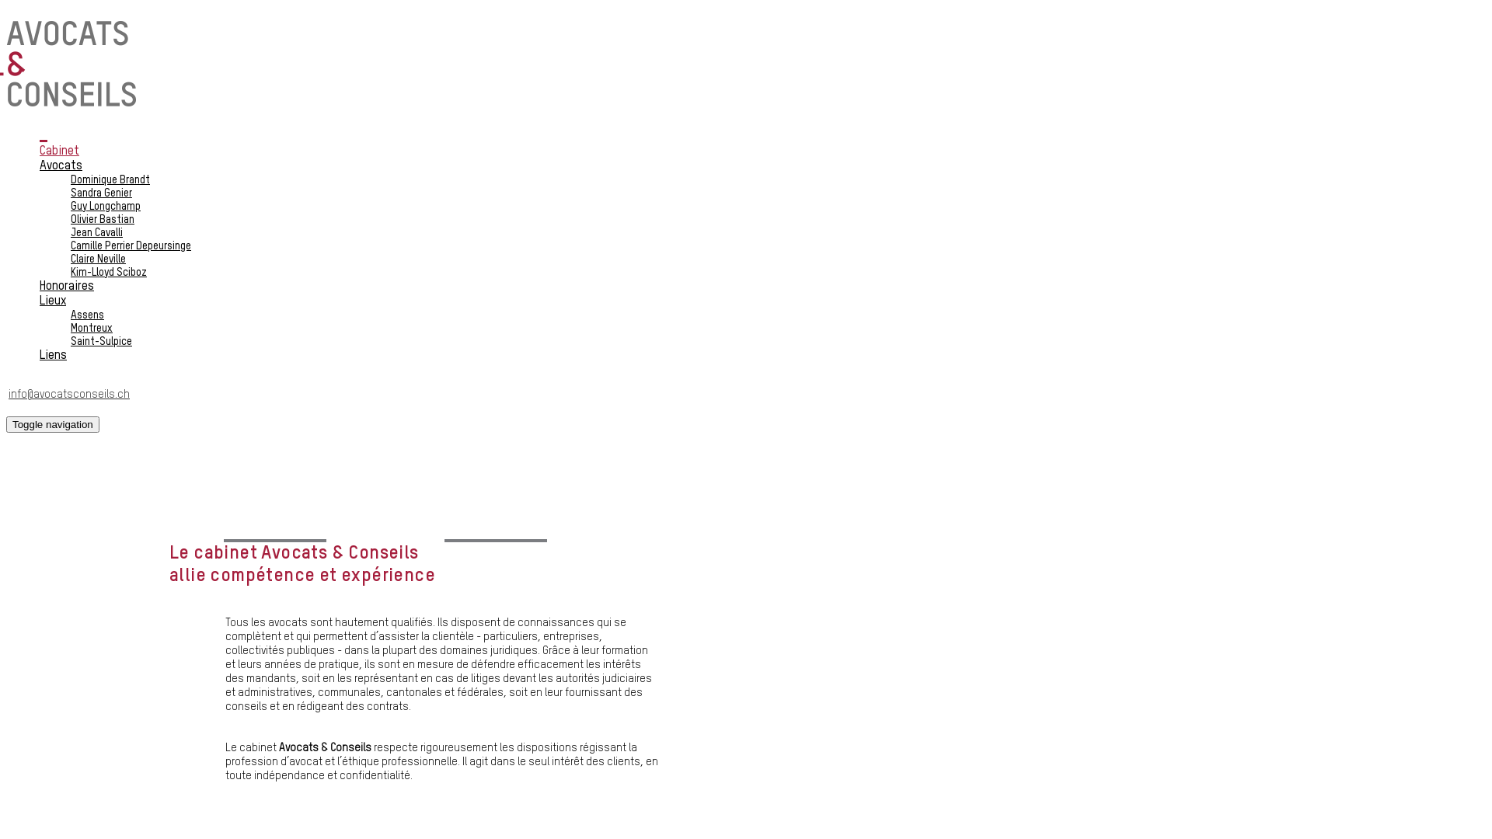 This screenshot has width=1492, height=839. What do you see at coordinates (96, 233) in the screenshot?
I see `'Jean Cavalli'` at bounding box center [96, 233].